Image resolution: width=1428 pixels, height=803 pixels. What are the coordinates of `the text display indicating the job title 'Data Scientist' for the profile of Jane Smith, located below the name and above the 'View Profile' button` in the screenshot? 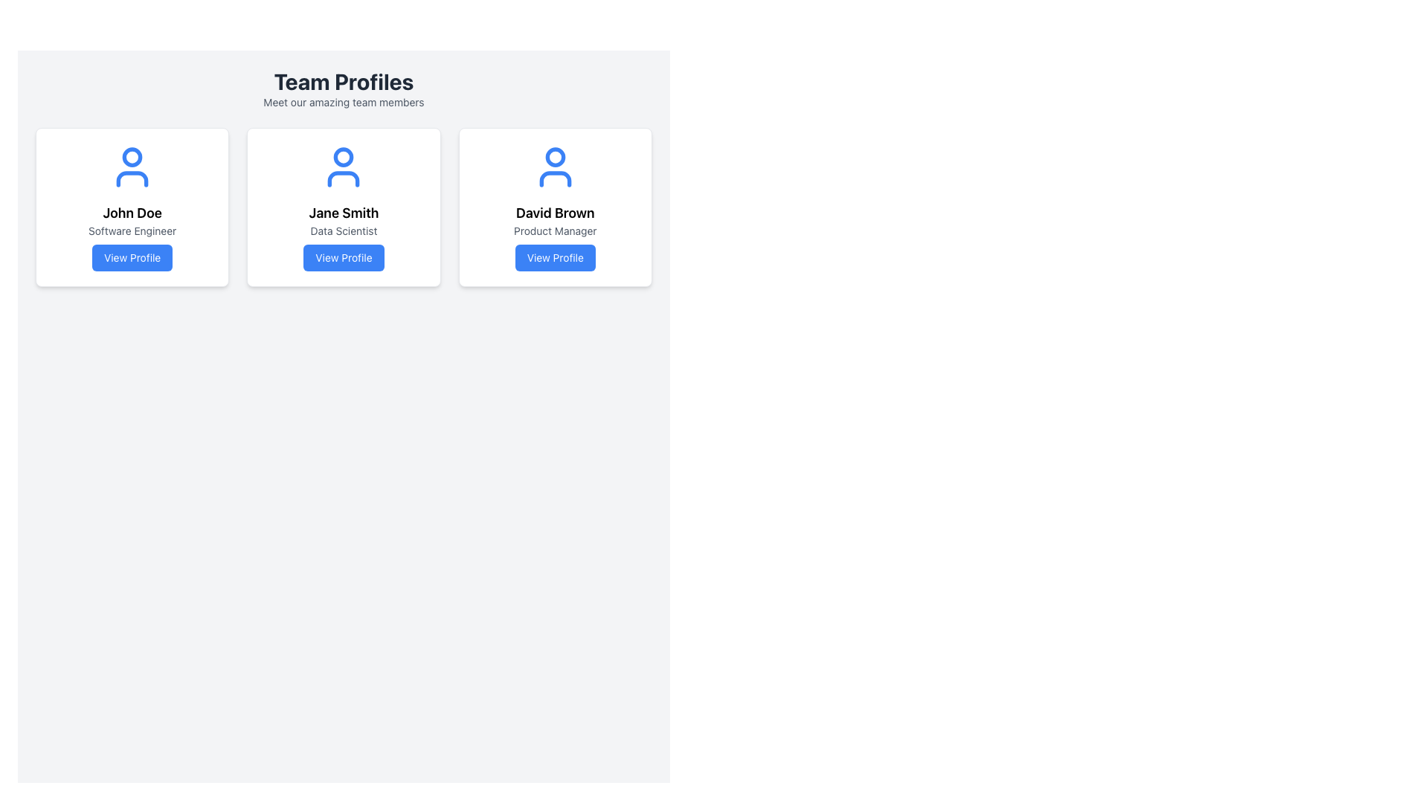 It's located at (343, 231).